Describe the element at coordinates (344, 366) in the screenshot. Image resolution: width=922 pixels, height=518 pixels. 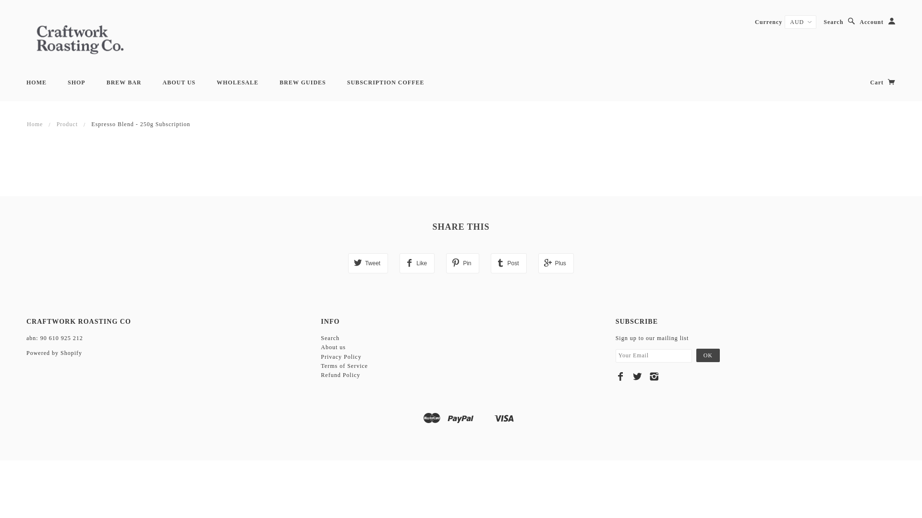
I see `'Terms of Service'` at that location.